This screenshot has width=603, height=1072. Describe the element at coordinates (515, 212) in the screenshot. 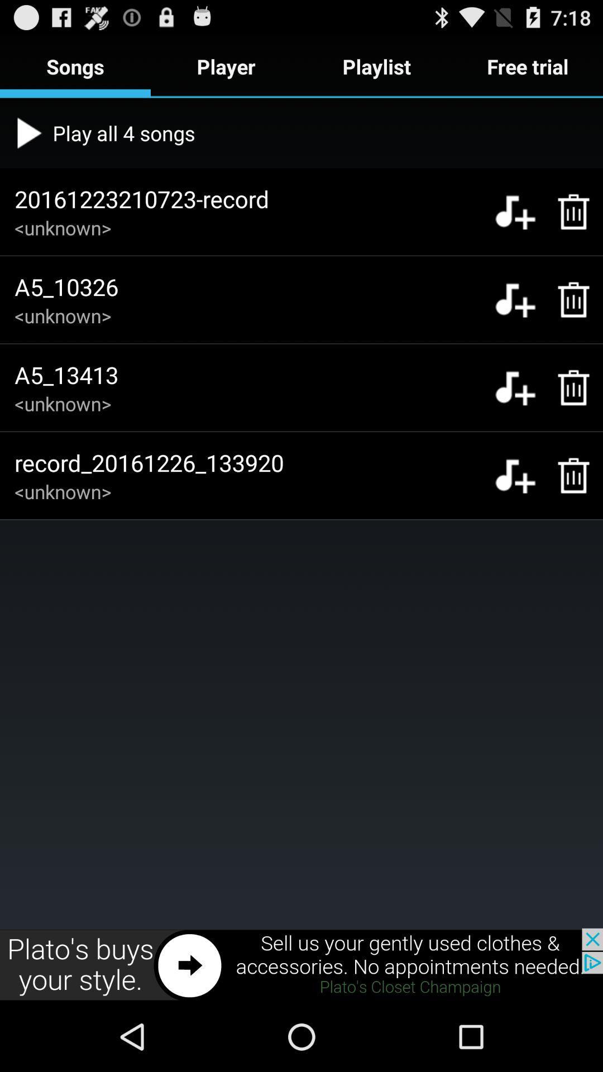

I see `to playlist` at that location.